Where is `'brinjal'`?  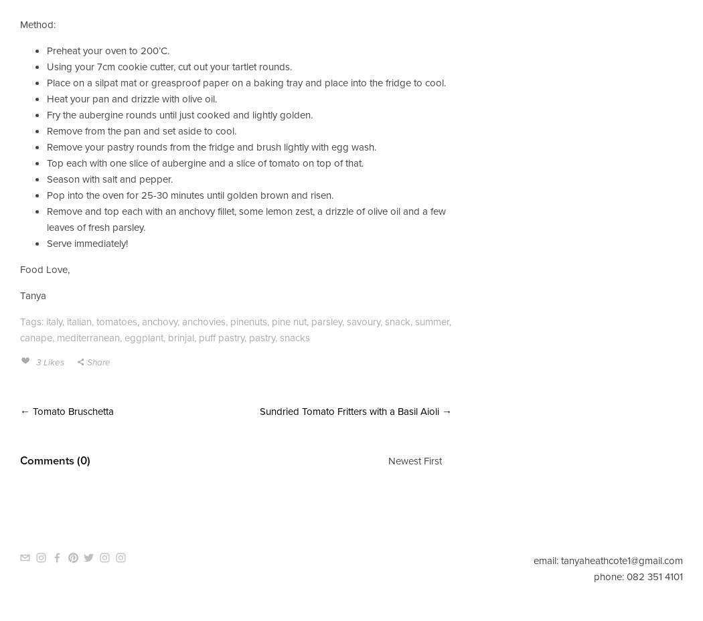
'brinjal' is located at coordinates (180, 336).